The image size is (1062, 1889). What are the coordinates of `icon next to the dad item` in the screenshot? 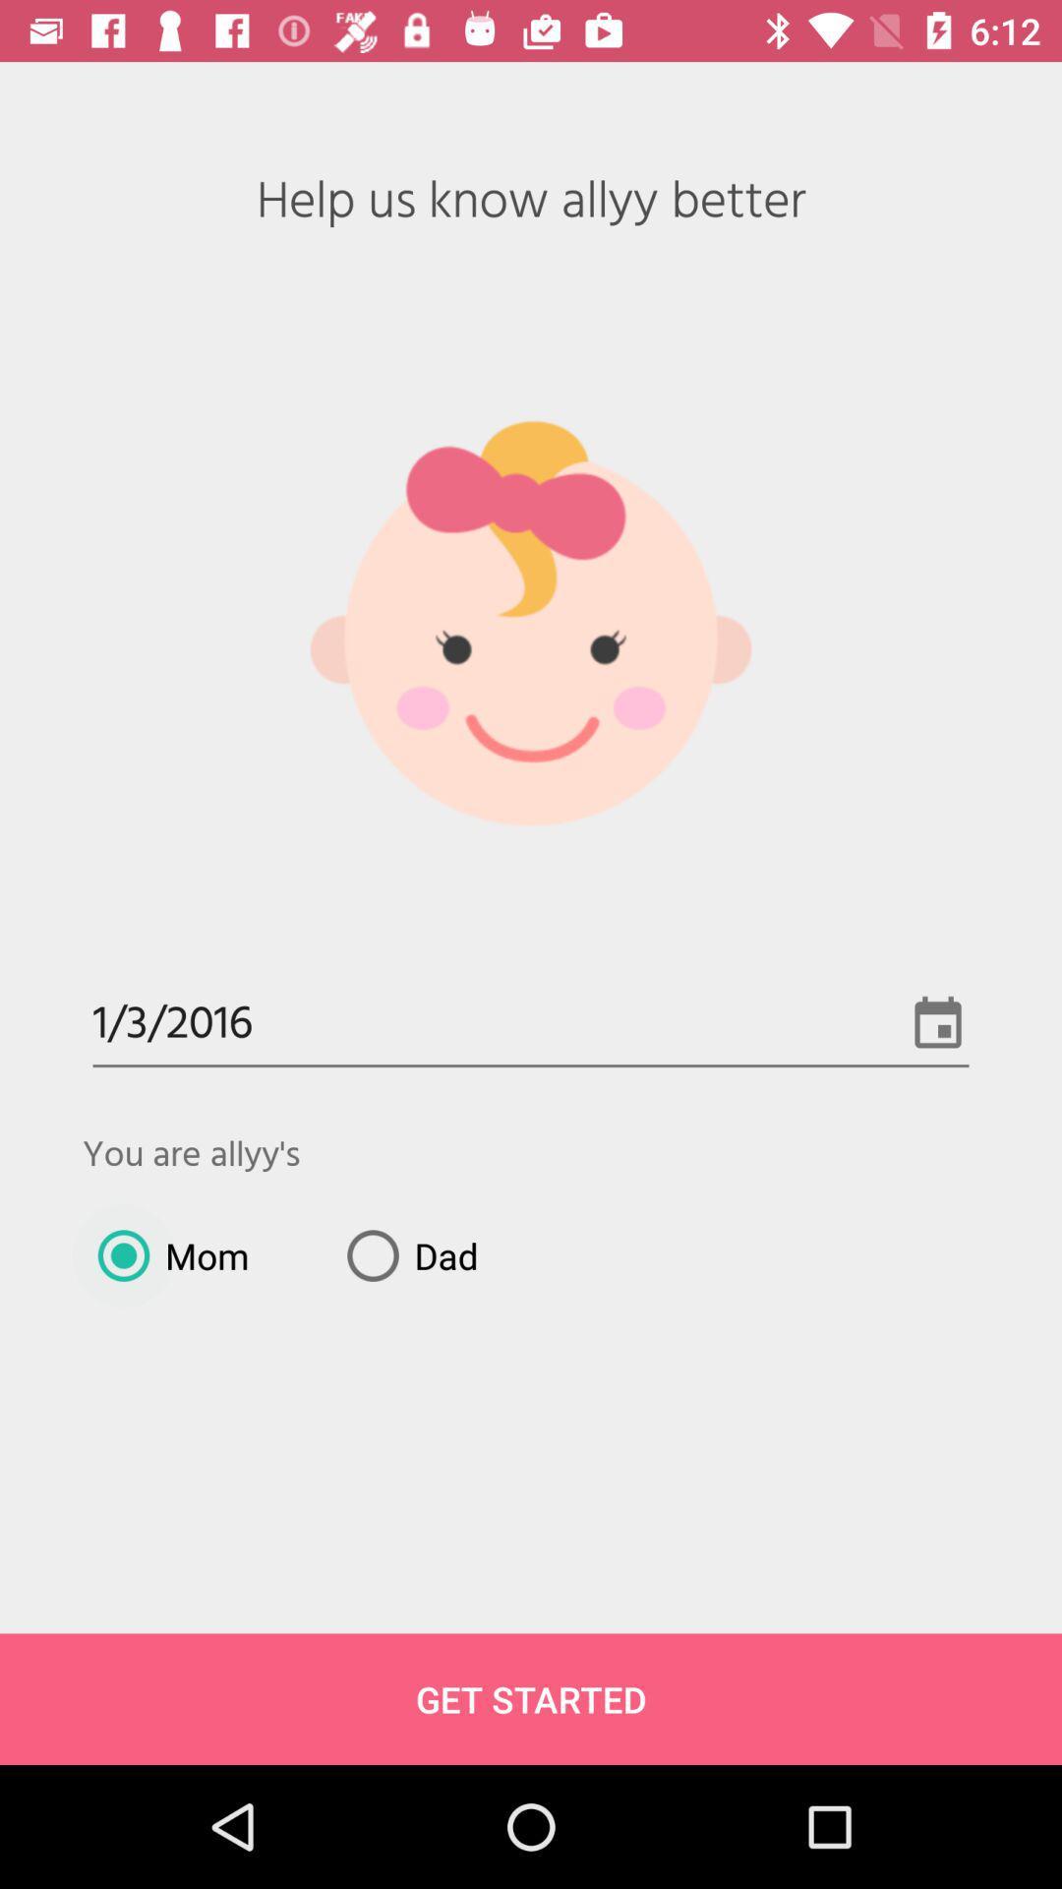 It's located at (164, 1254).